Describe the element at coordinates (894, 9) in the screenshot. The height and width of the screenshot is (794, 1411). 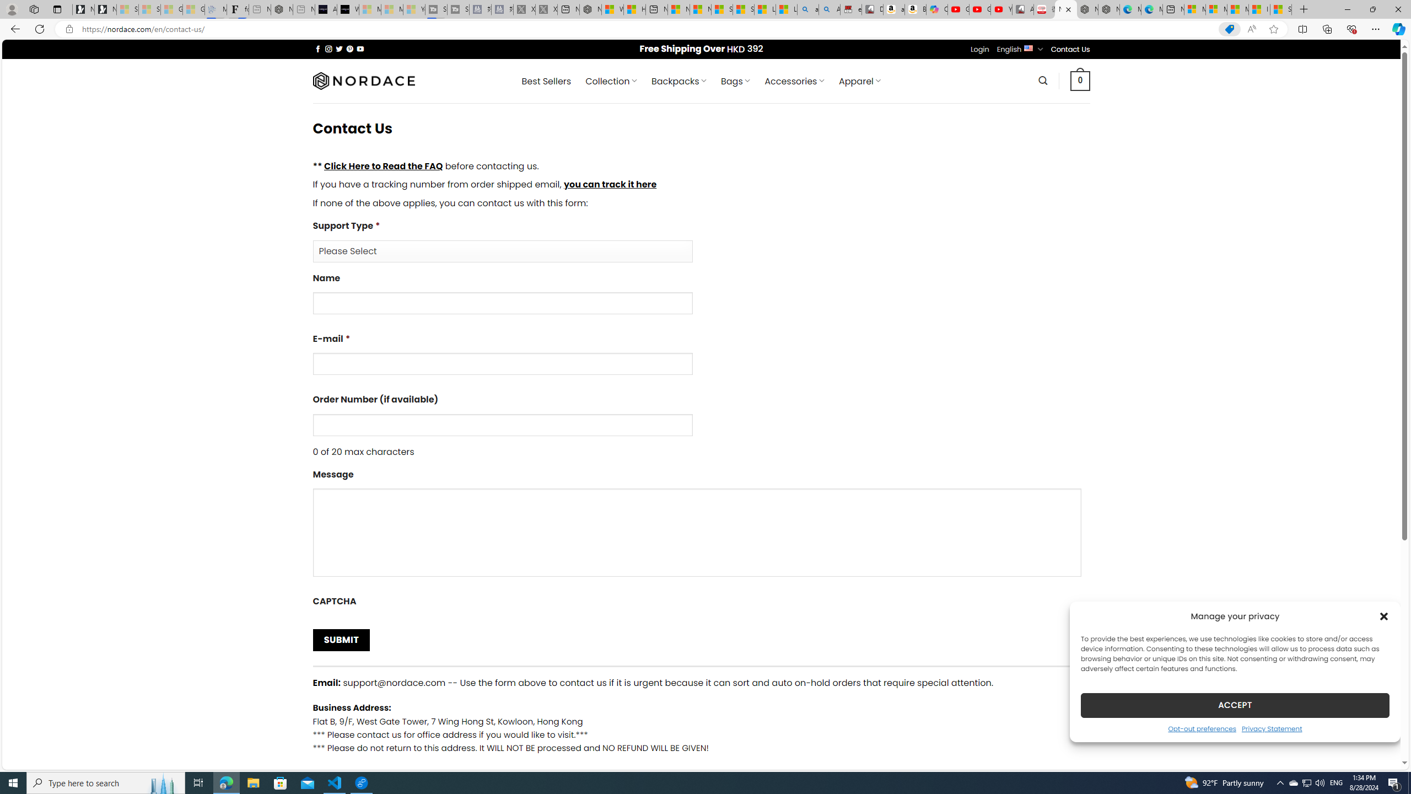
I see `'amazon.in/dp/B0CX59H5W7/?tag=gsmcom05-21'` at that location.